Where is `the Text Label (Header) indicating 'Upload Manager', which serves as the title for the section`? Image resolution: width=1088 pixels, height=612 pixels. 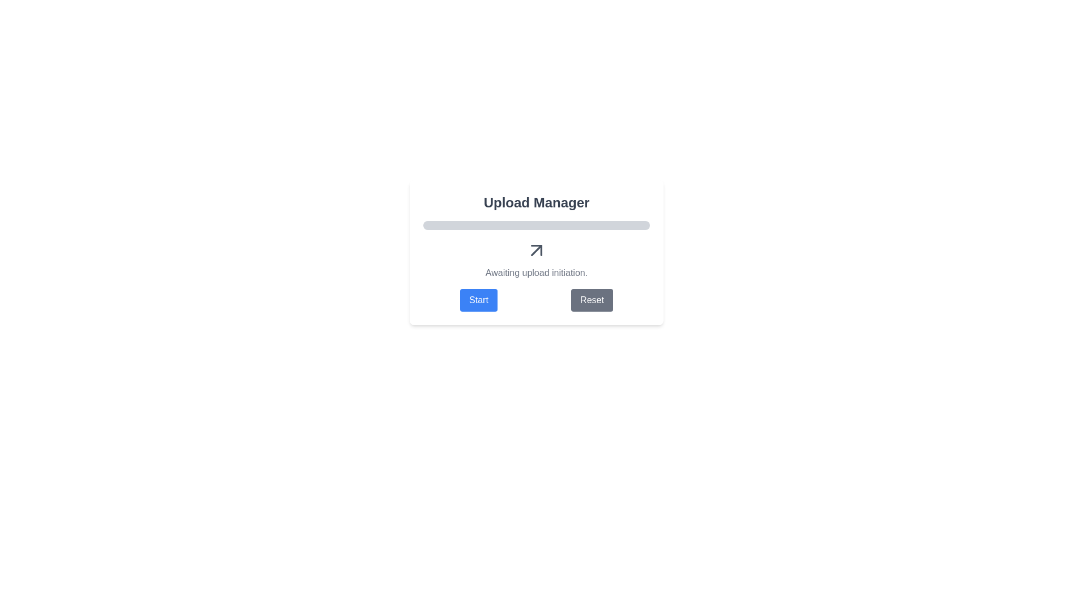 the Text Label (Header) indicating 'Upload Manager', which serves as the title for the section is located at coordinates (535, 202).